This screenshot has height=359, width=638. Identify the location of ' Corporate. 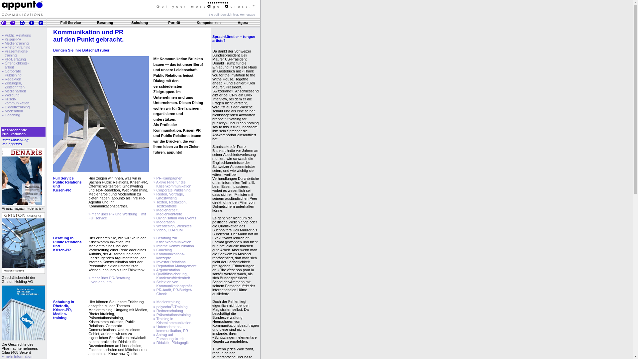
(1, 73).